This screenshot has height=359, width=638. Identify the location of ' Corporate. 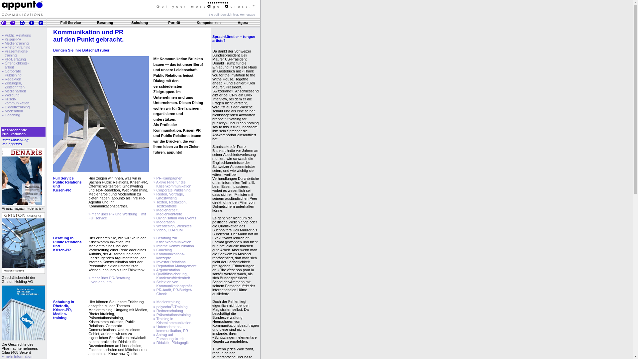
(1, 73).